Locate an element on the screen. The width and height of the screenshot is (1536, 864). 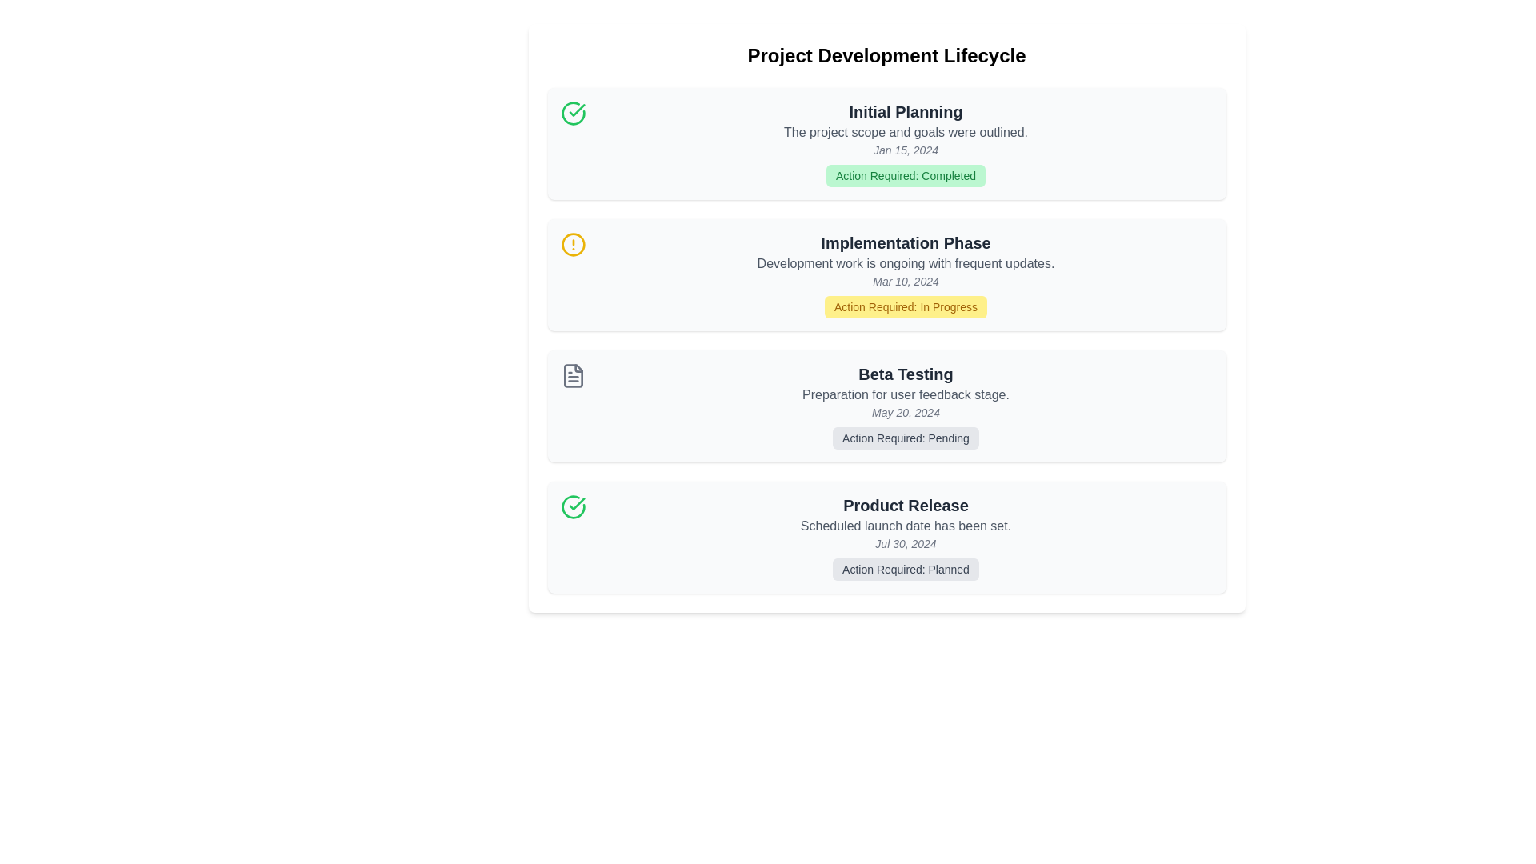
the Information Panel, which is the second item in the vertical sequence providing project details, located below the 'Initial Planning' section and above the 'Beta Testing' section is located at coordinates (906, 274).